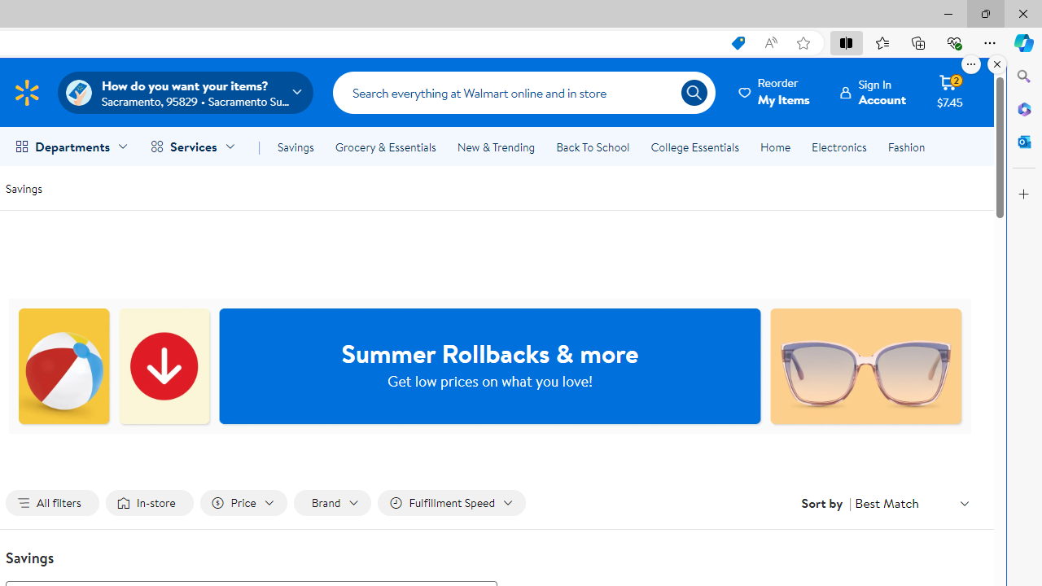  What do you see at coordinates (873, 92) in the screenshot?
I see `'Sign In Account'` at bounding box center [873, 92].